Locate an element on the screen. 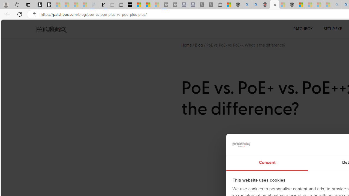  'New tab - Sleeping' is located at coordinates (112, 5).